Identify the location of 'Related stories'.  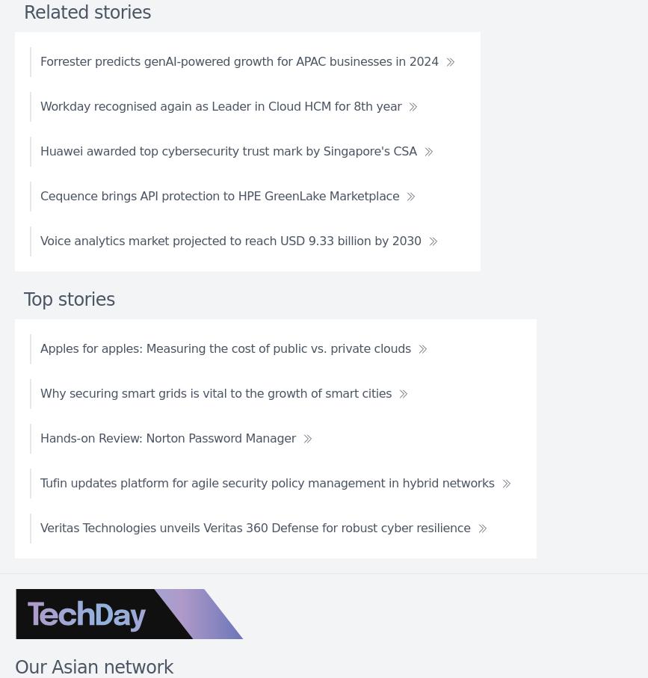
(87, 10).